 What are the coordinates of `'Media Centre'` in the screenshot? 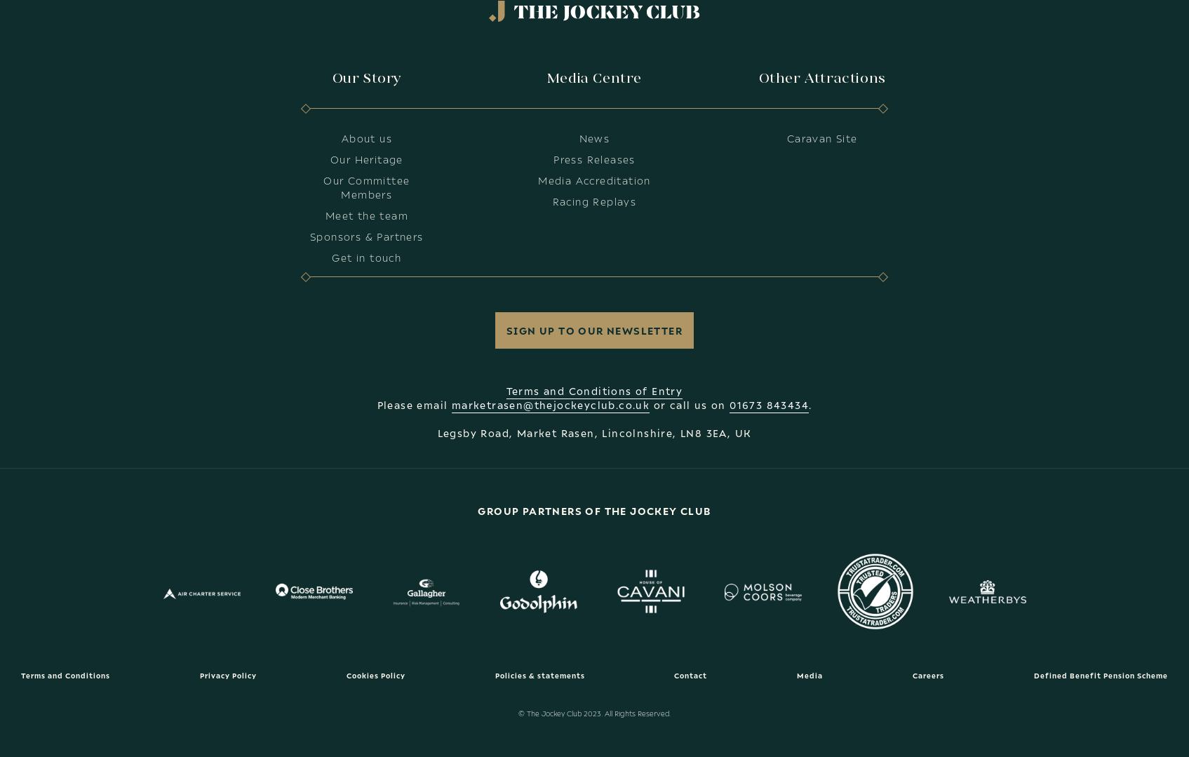 It's located at (546, 78).